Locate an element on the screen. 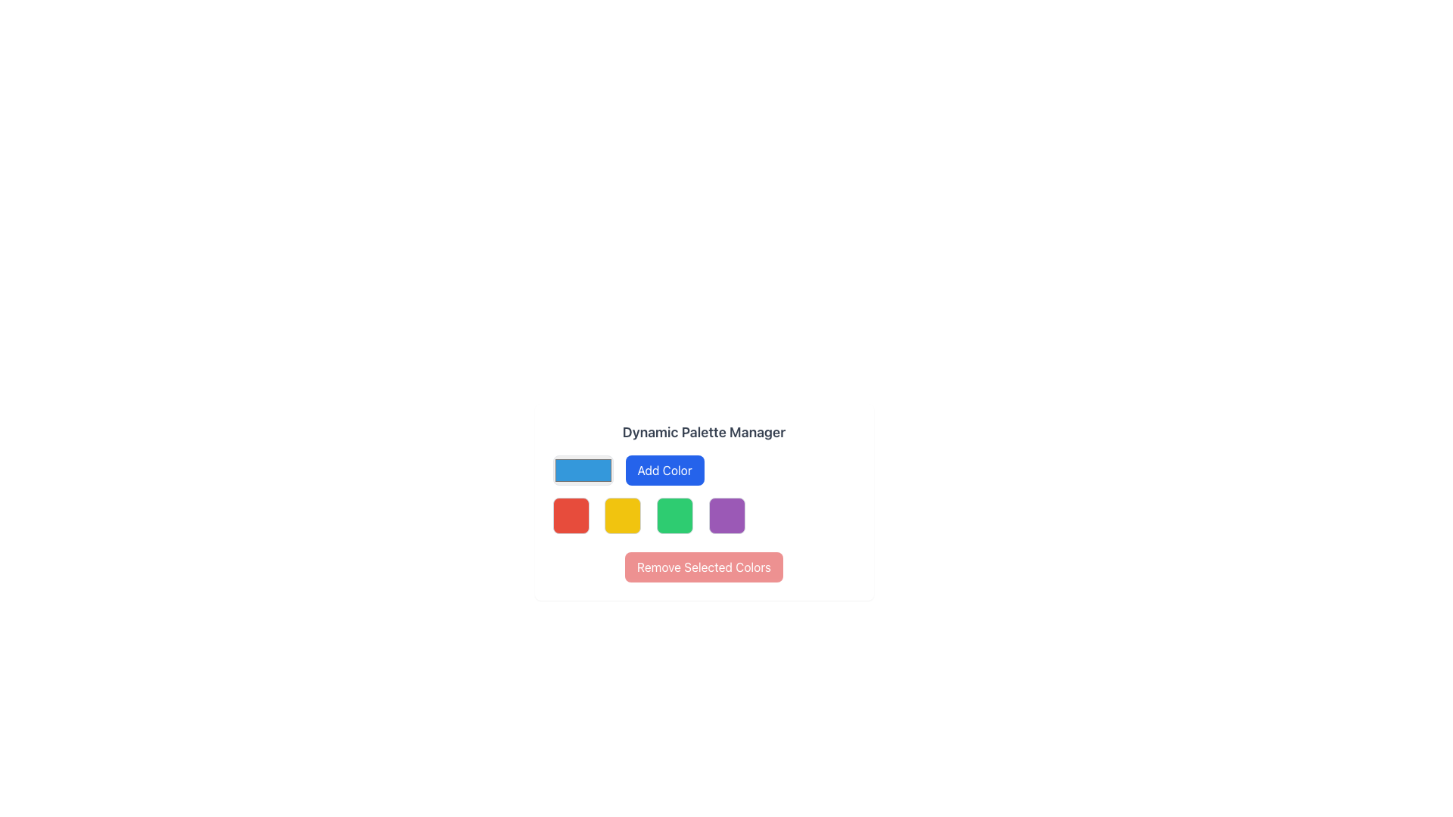 This screenshot has height=817, width=1453. the fourth color tile in the horizontal grid is located at coordinates (726, 515).